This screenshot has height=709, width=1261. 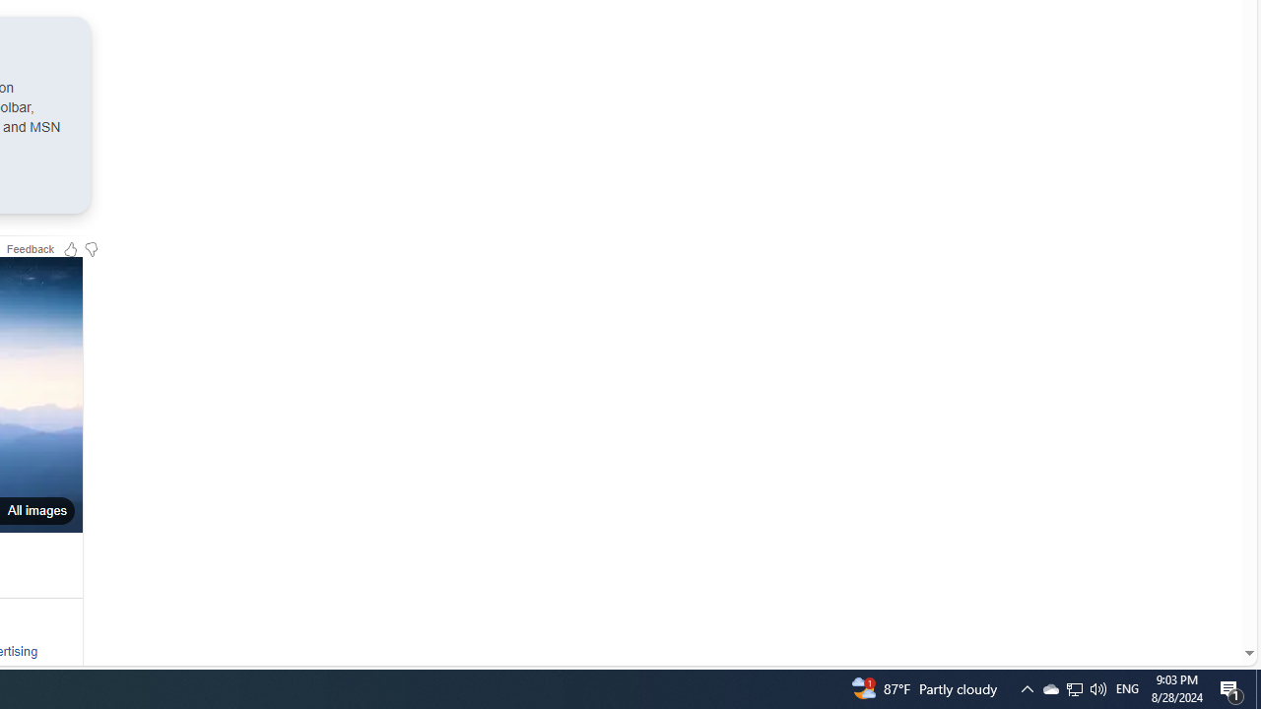 I want to click on 'Feedback Like', so click(x=70, y=247).